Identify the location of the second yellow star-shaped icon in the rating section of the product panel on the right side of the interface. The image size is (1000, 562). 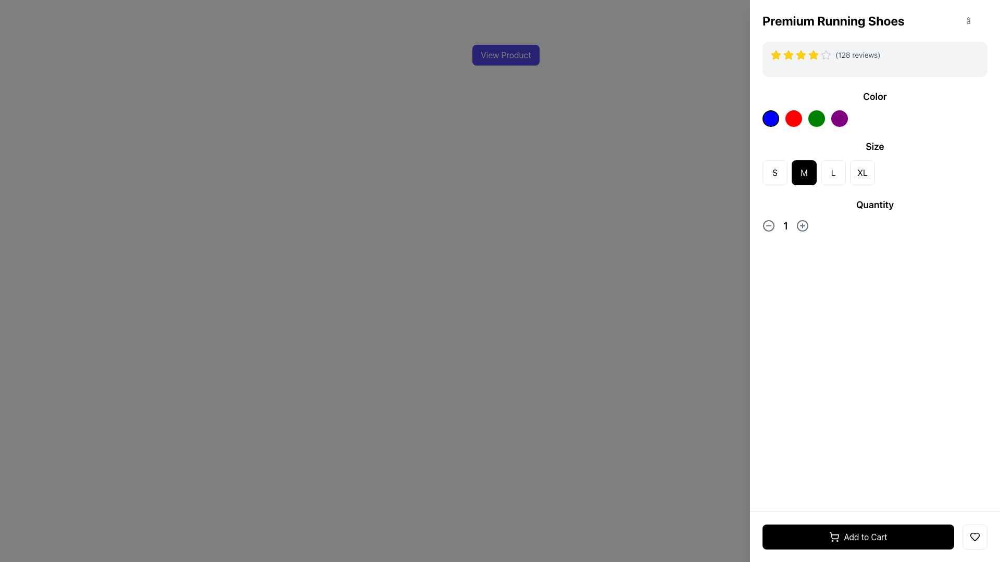
(788, 55).